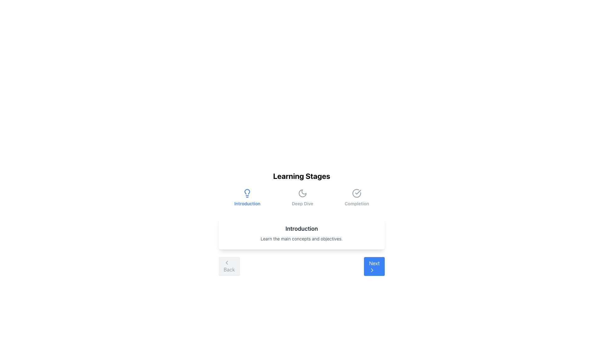  Describe the element at coordinates (372, 270) in the screenshot. I see `the 'Next' button located at the bottom right of the interface` at that location.